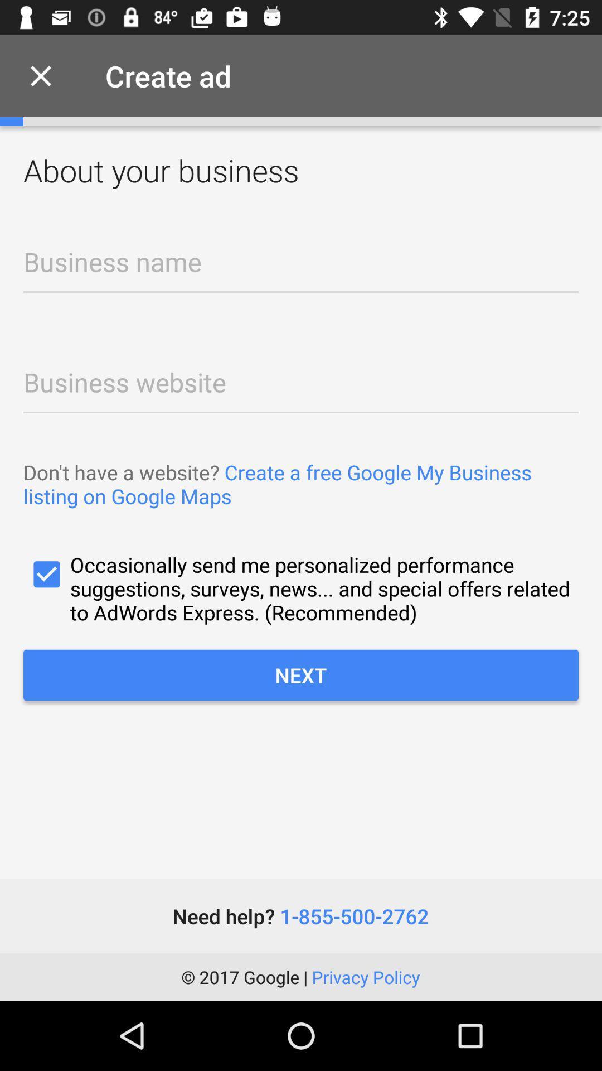  Describe the element at coordinates (301, 269) in the screenshot. I see `the icon below about your business item` at that location.